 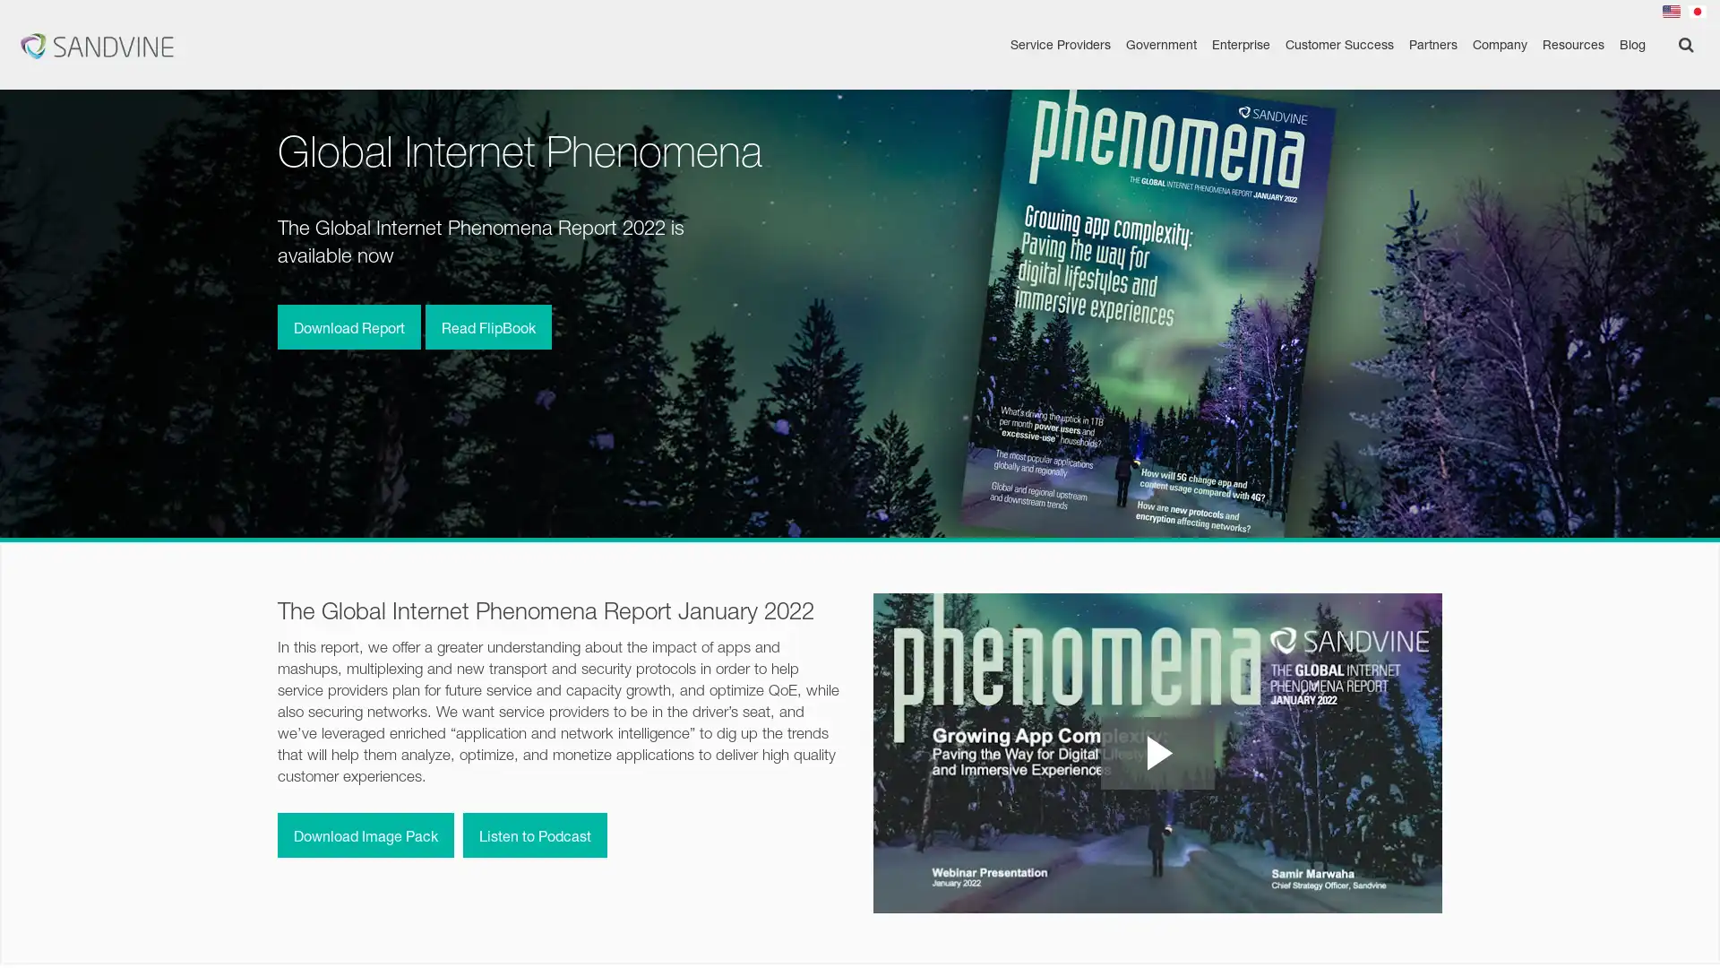 What do you see at coordinates (1530, 932) in the screenshot?
I see `Subscribe now` at bounding box center [1530, 932].